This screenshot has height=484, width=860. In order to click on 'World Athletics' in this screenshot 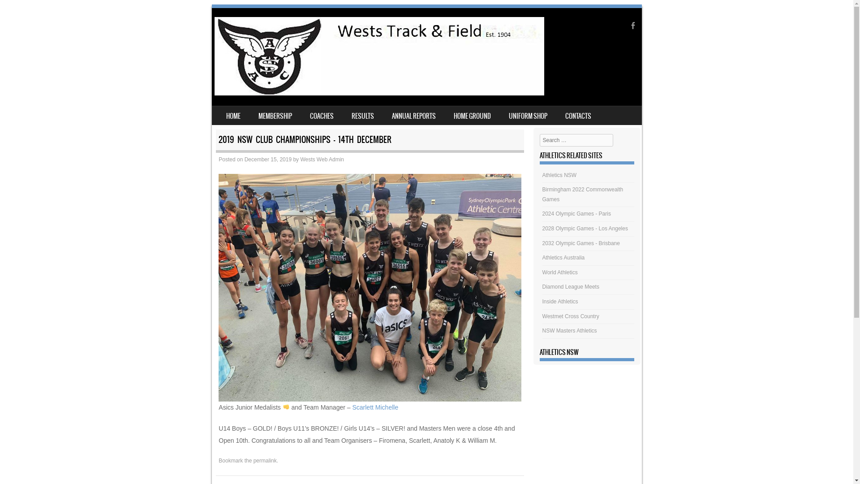, I will do `click(559, 272)`.